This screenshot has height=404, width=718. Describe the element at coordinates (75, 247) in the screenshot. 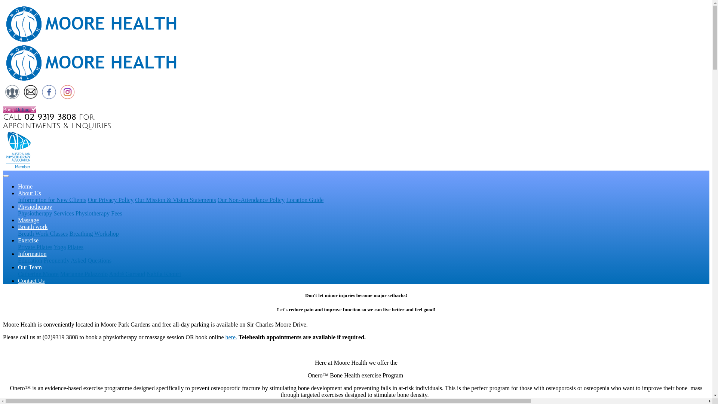

I see `'Pilates'` at that location.